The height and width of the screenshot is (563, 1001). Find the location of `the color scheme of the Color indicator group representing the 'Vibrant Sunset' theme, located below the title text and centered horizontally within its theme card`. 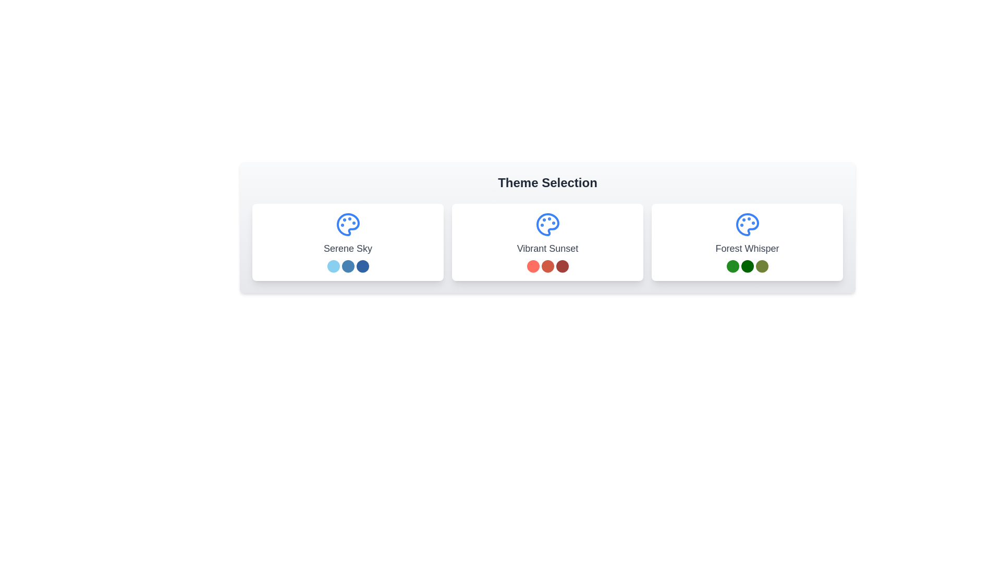

the color scheme of the Color indicator group representing the 'Vibrant Sunset' theme, located below the title text and centered horizontally within its theme card is located at coordinates (547, 265).